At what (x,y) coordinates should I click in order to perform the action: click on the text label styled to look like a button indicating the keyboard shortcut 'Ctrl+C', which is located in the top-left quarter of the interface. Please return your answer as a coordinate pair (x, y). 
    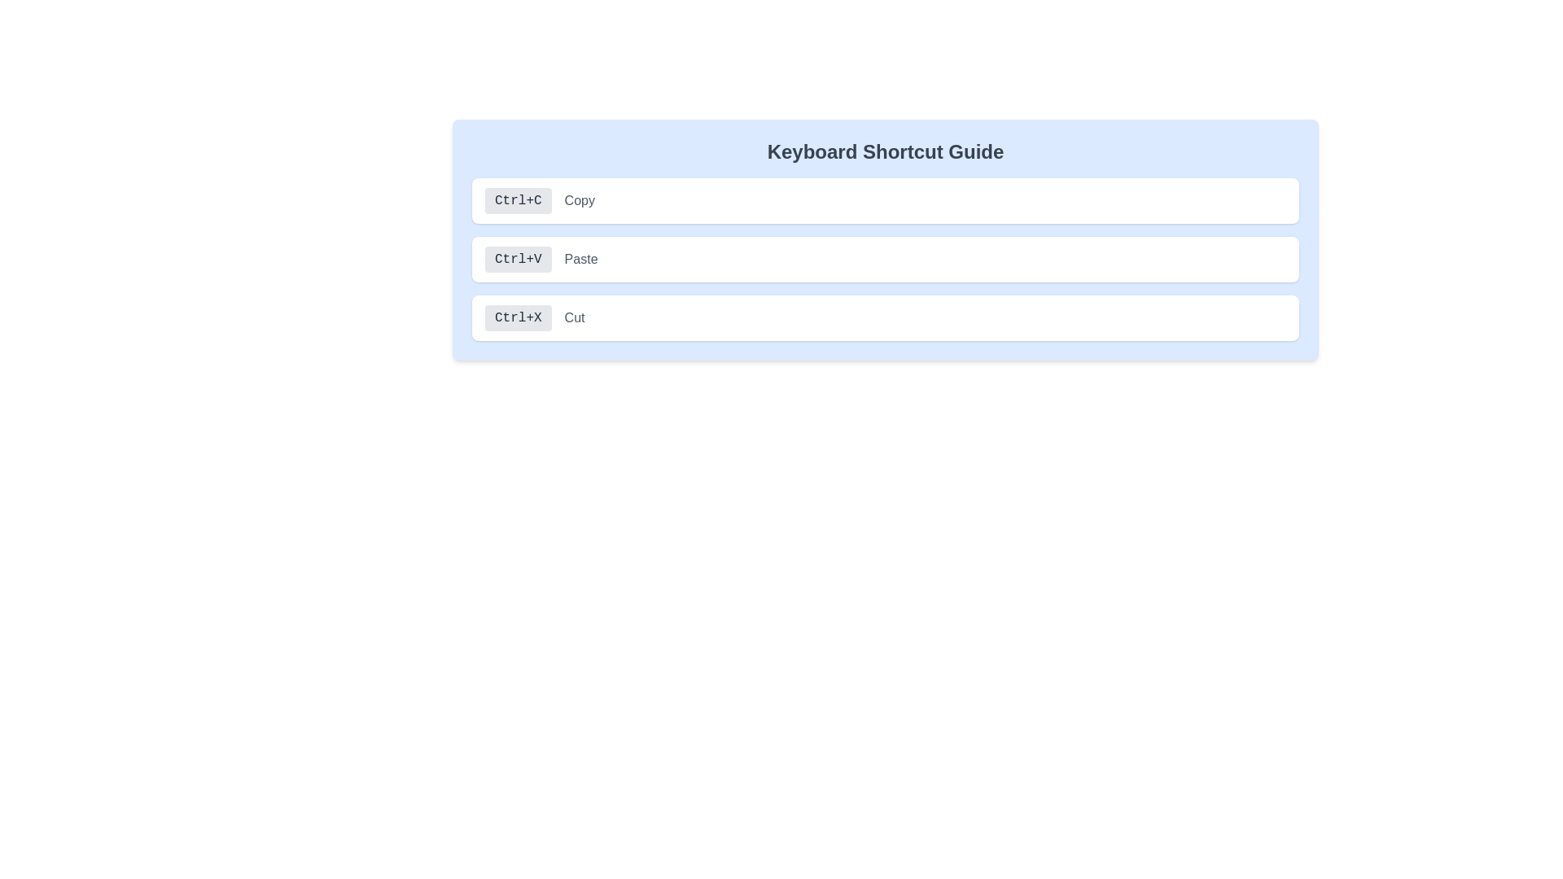
    Looking at the image, I should click on (517, 199).